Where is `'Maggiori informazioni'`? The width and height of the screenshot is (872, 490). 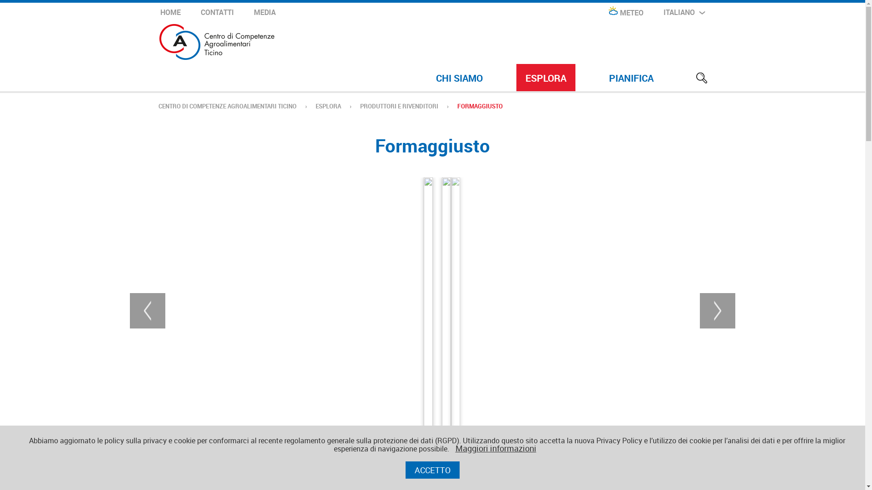 'Maggiori informazioni' is located at coordinates (495, 447).